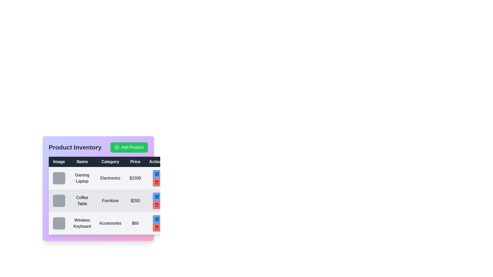 Image resolution: width=493 pixels, height=277 pixels. I want to click on the Image Placeholder in the first row of the product inventory table, so click(59, 178).